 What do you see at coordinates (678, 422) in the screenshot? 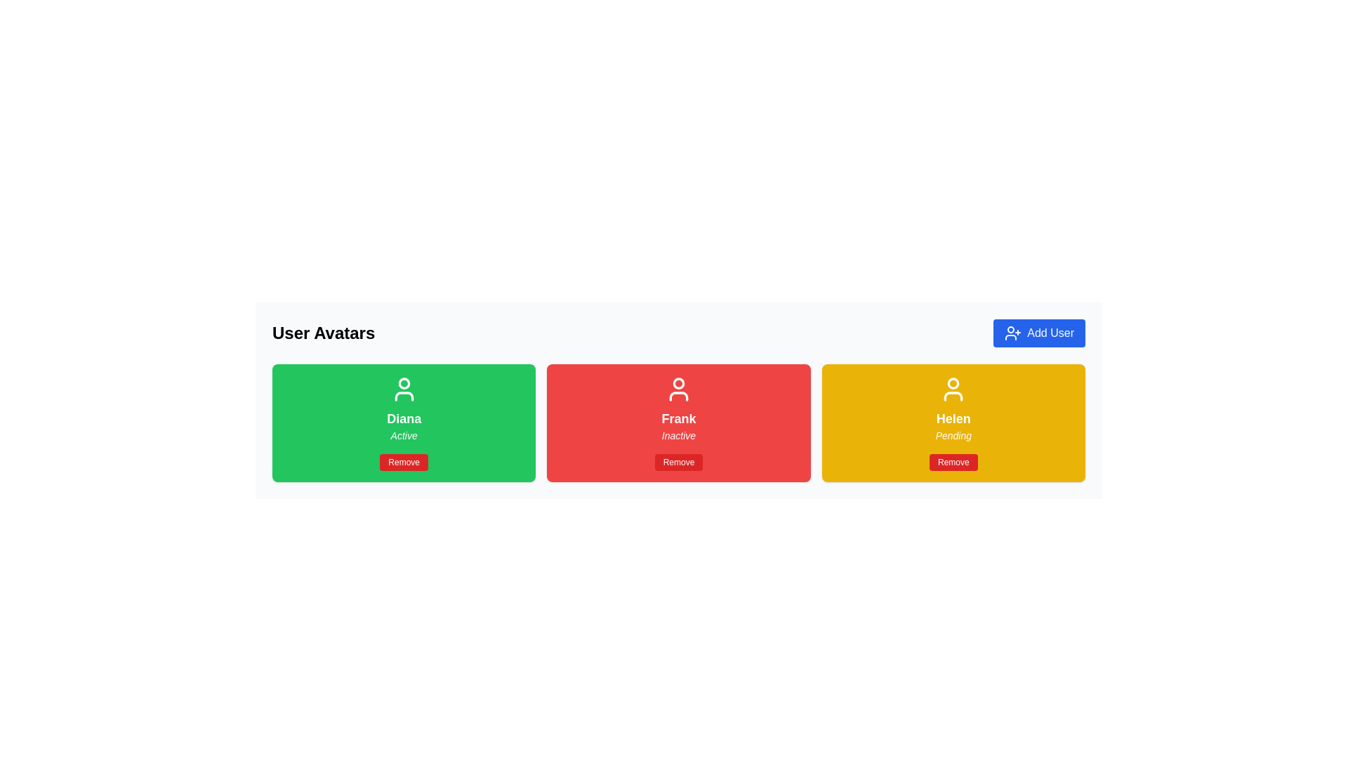
I see `the Card displaying the name 'Frank', status 'Inactive', and the 'Remove' button within the 'User Avatars' section` at bounding box center [678, 422].